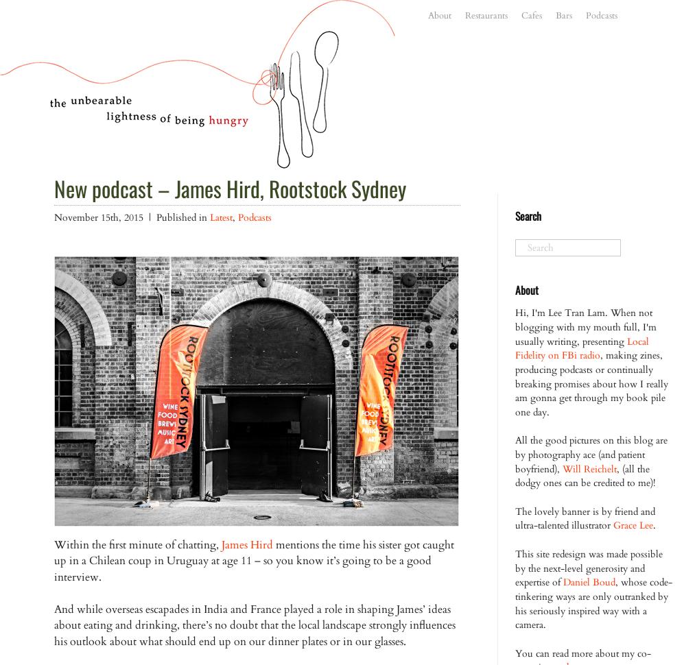 The width and height of the screenshot is (695, 665). What do you see at coordinates (526, 289) in the screenshot?
I see `'About'` at bounding box center [526, 289].